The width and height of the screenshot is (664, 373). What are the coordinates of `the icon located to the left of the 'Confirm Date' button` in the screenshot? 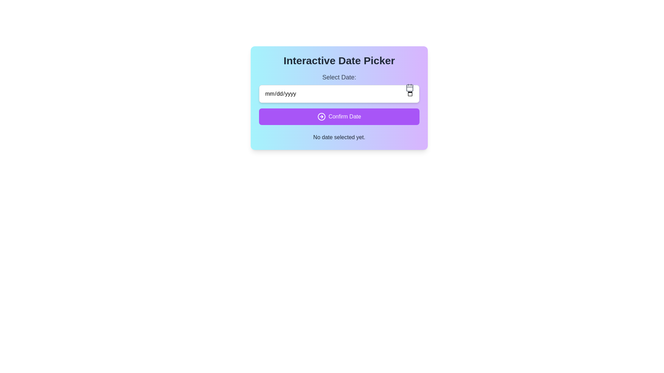 It's located at (321, 116).